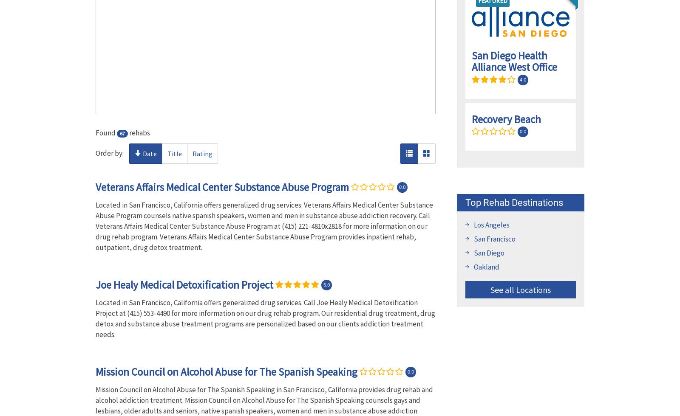  Describe the element at coordinates (495, 239) in the screenshot. I see `'San Francisco'` at that location.